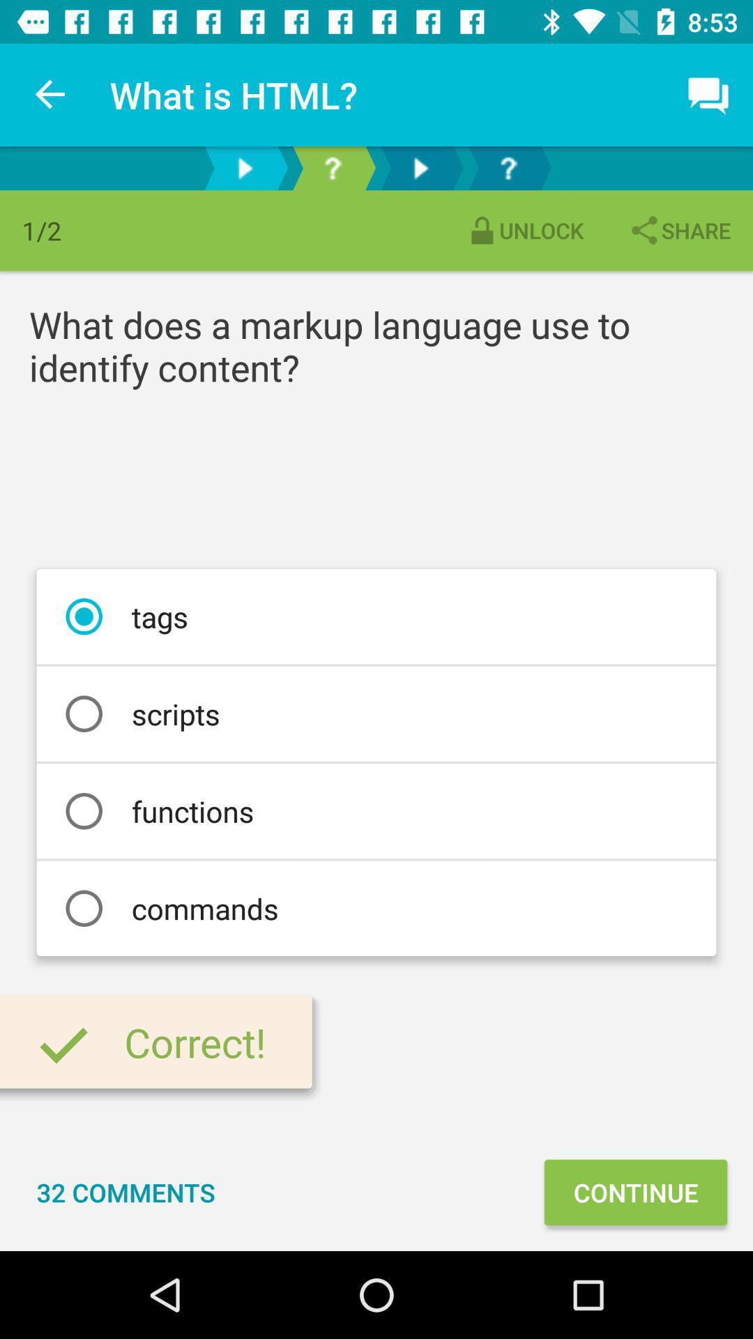 The image size is (753, 1339). I want to click on the help icon, so click(508, 167).